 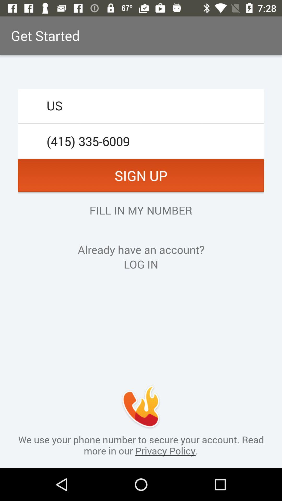 I want to click on the item below the sign up item, so click(x=140, y=210).